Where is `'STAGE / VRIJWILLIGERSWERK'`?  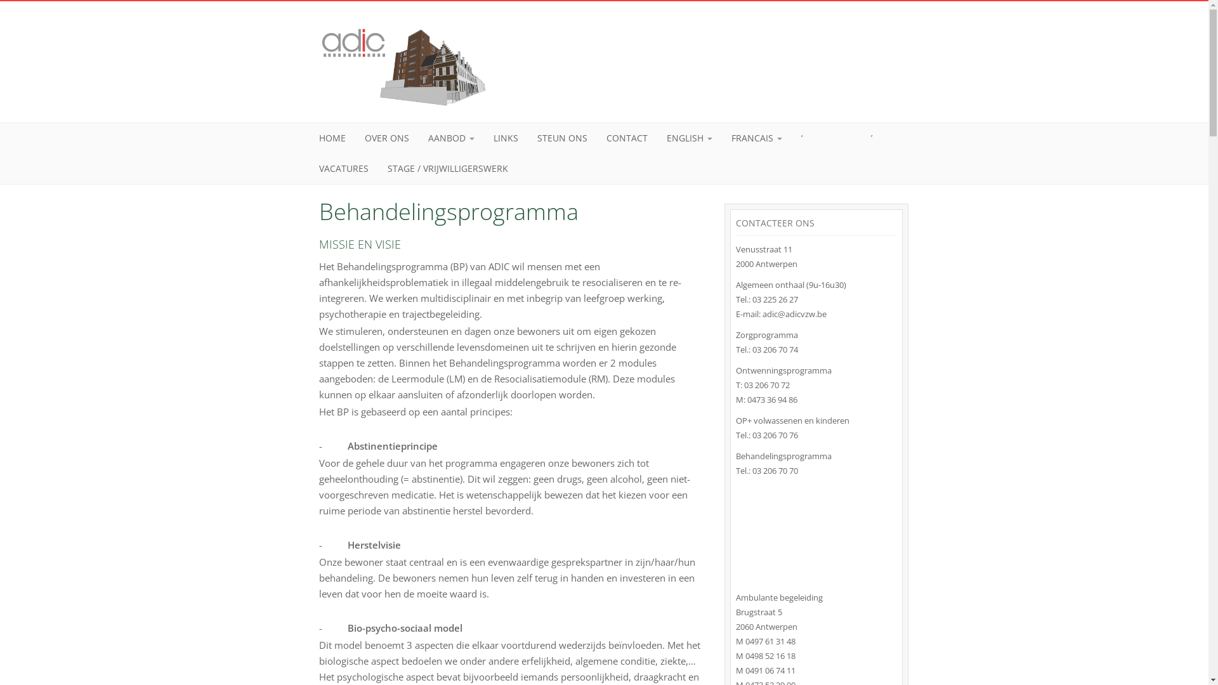 'STAGE / VRIJWILLIGERSWERK' is located at coordinates (447, 168).